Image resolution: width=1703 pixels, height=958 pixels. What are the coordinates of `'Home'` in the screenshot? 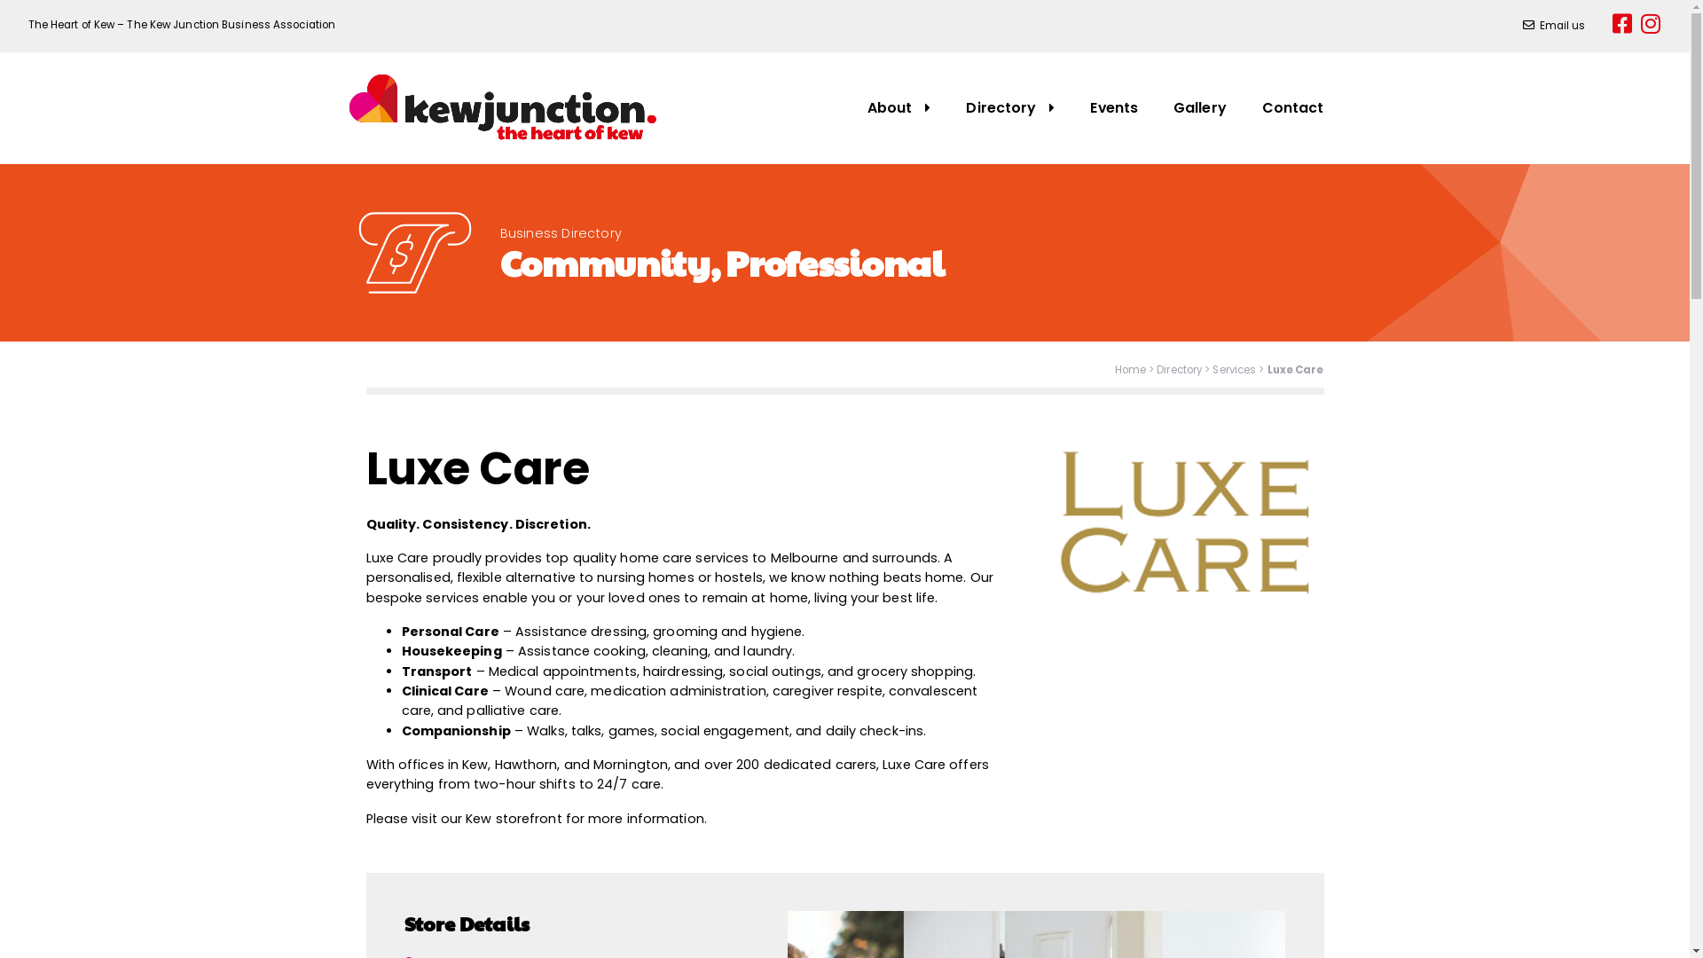 It's located at (1129, 368).